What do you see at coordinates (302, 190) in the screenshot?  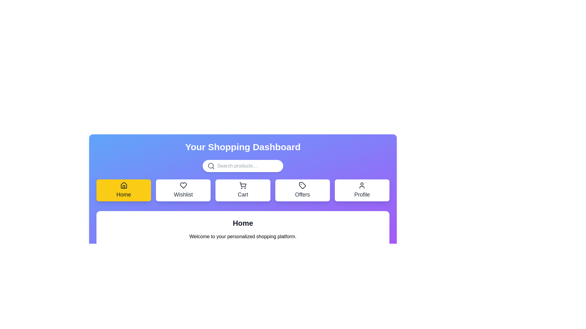 I see `the 'Offers' button, which is a rectangular button with rounded corners, white background, and gray text, located in the middle section of the navigation panel, fourth item from the left` at bounding box center [302, 190].